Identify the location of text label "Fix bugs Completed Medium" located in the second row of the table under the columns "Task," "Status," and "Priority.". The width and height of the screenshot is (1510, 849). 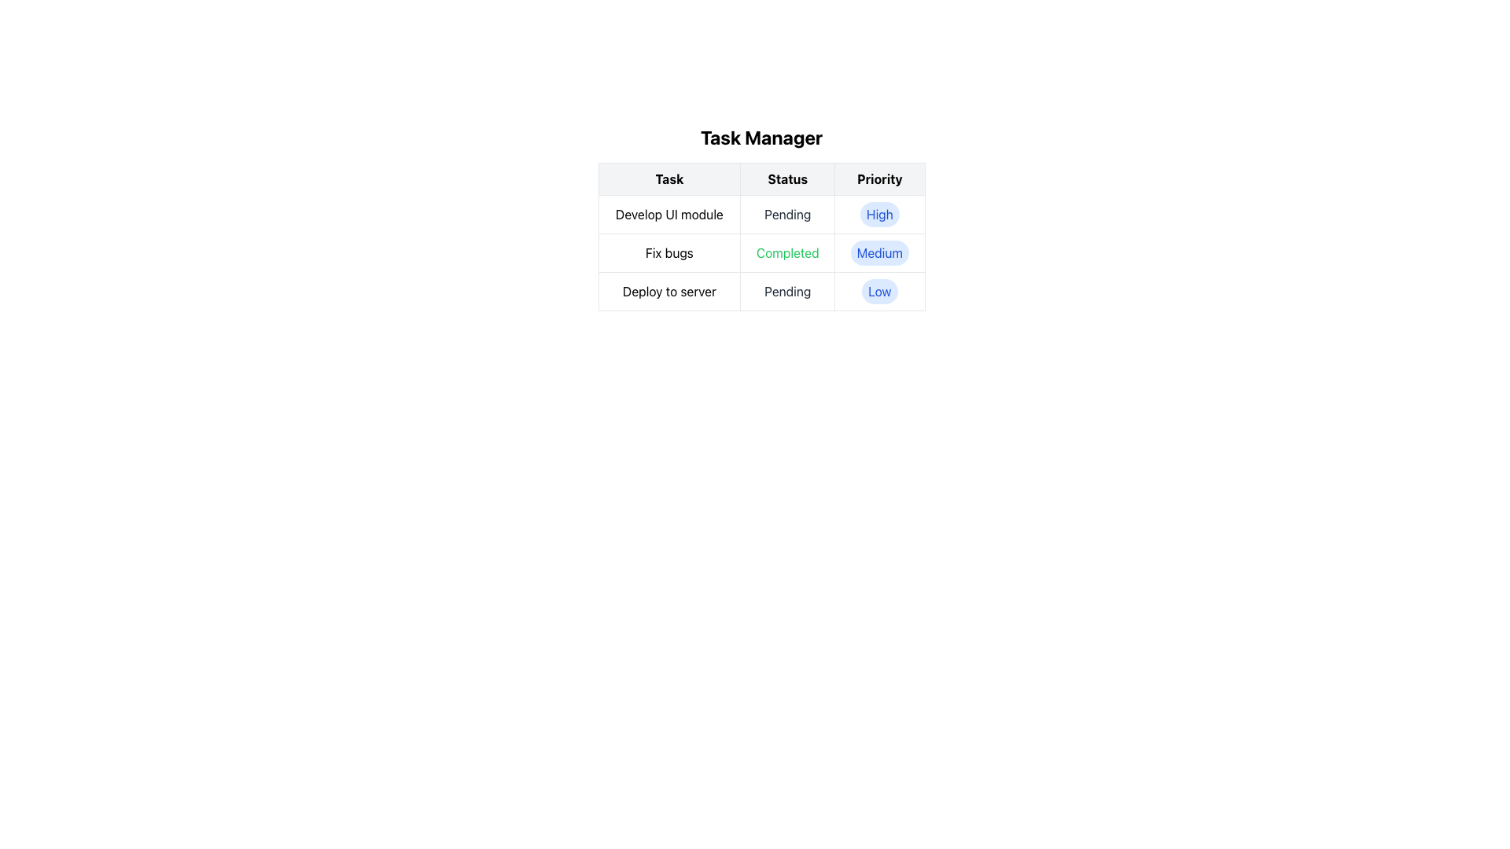
(761, 252).